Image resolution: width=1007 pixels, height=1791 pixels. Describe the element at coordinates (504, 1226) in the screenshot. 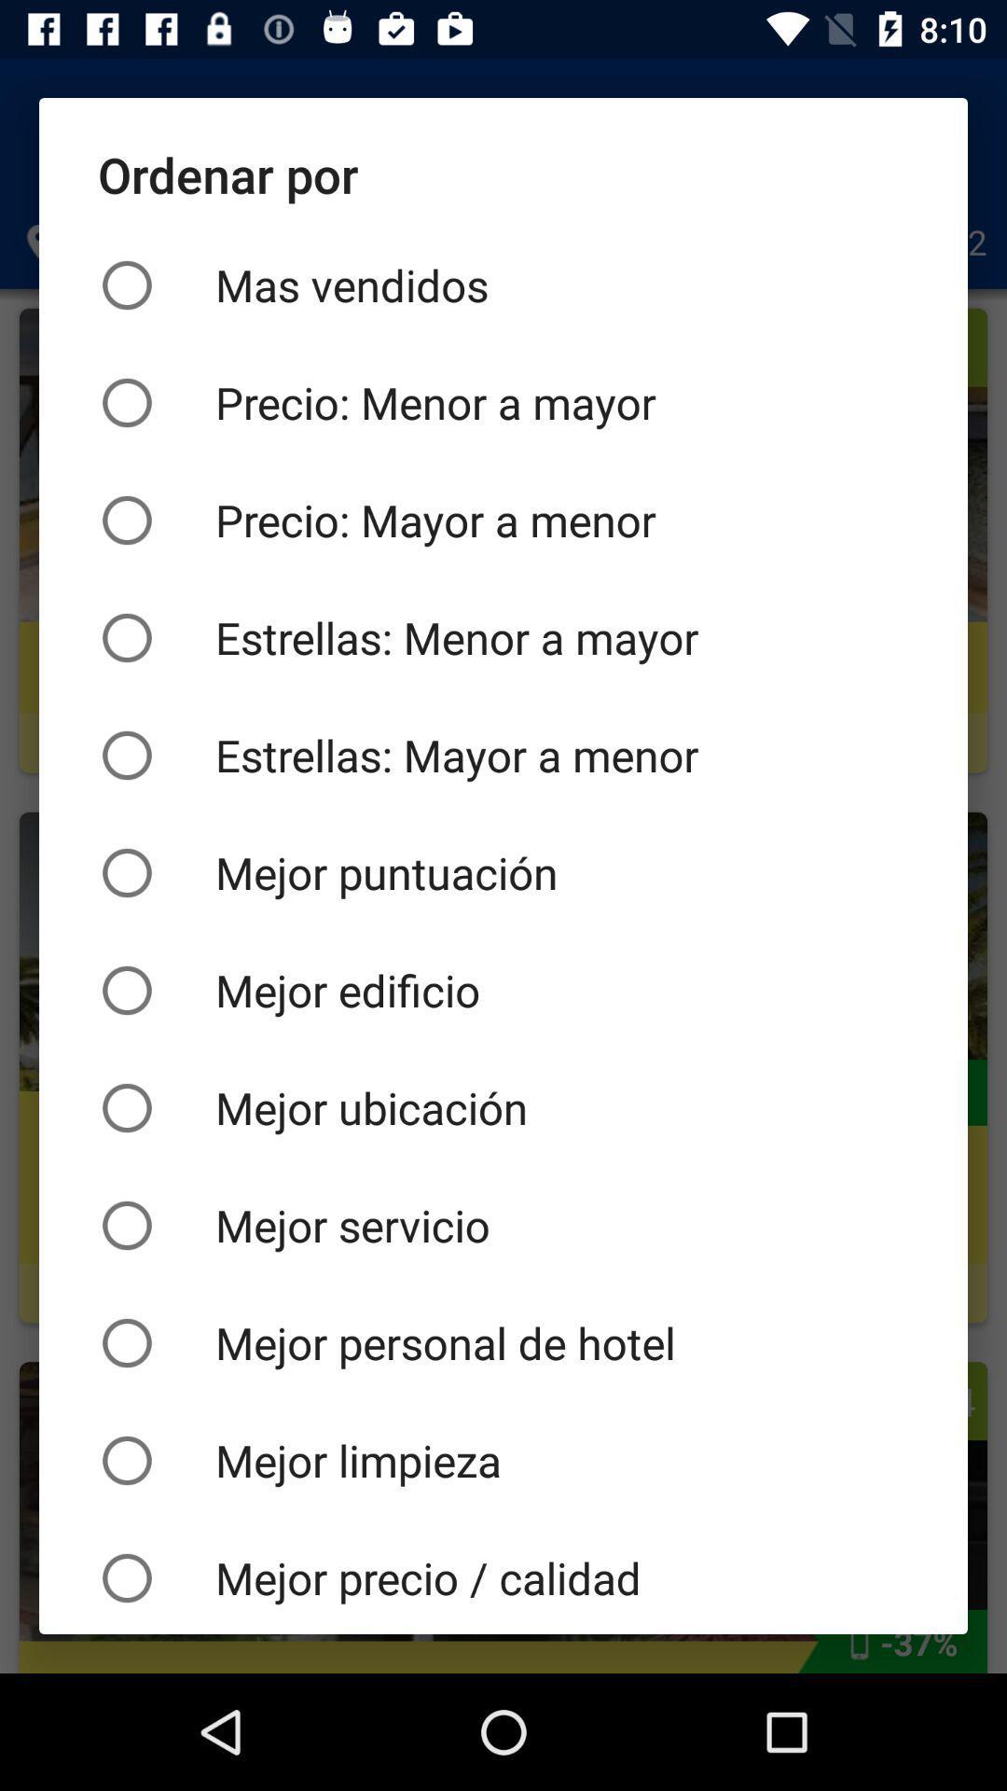

I see `the mejor servicio` at that location.